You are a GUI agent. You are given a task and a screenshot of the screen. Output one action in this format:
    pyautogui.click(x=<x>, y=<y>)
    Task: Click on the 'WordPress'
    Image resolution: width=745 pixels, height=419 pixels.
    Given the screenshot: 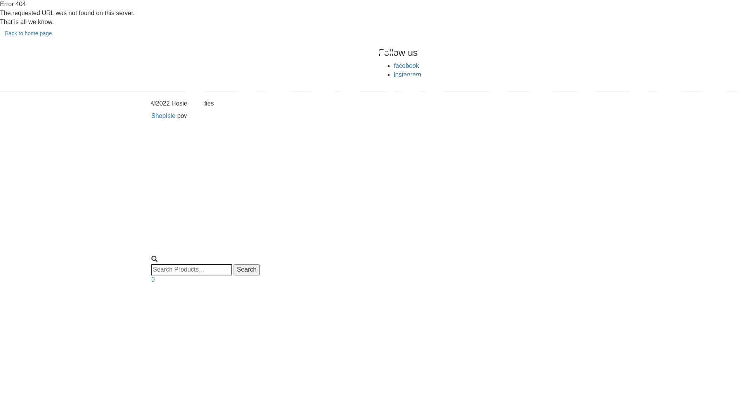 What is the action you would take?
    pyautogui.click(x=225, y=116)
    